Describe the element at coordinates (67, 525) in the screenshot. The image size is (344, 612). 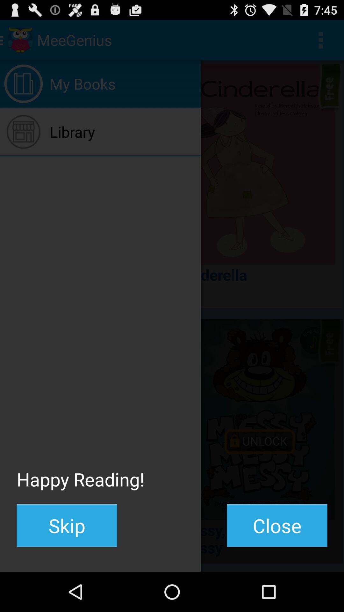
I see `item below happy reading! item` at that location.